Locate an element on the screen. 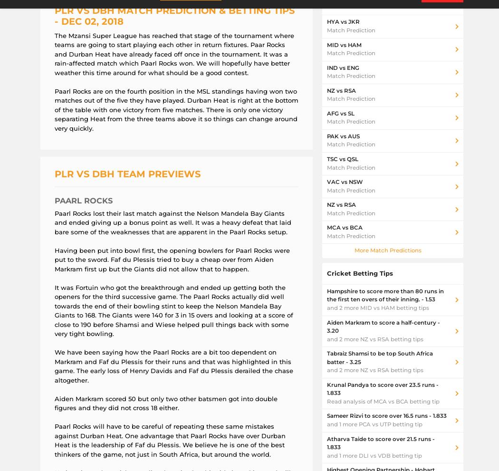  'The Mzansi Super League has reached that stage of the tournament where teams are going to start playing each other in return fixtures. Paar Rocks and Durban Heat have already faced off once in the tournament. It was a rain-affected match which Paarl Rocks won. We will hopefully have better weather this time around for what should be a good contest.' is located at coordinates (173, 53).